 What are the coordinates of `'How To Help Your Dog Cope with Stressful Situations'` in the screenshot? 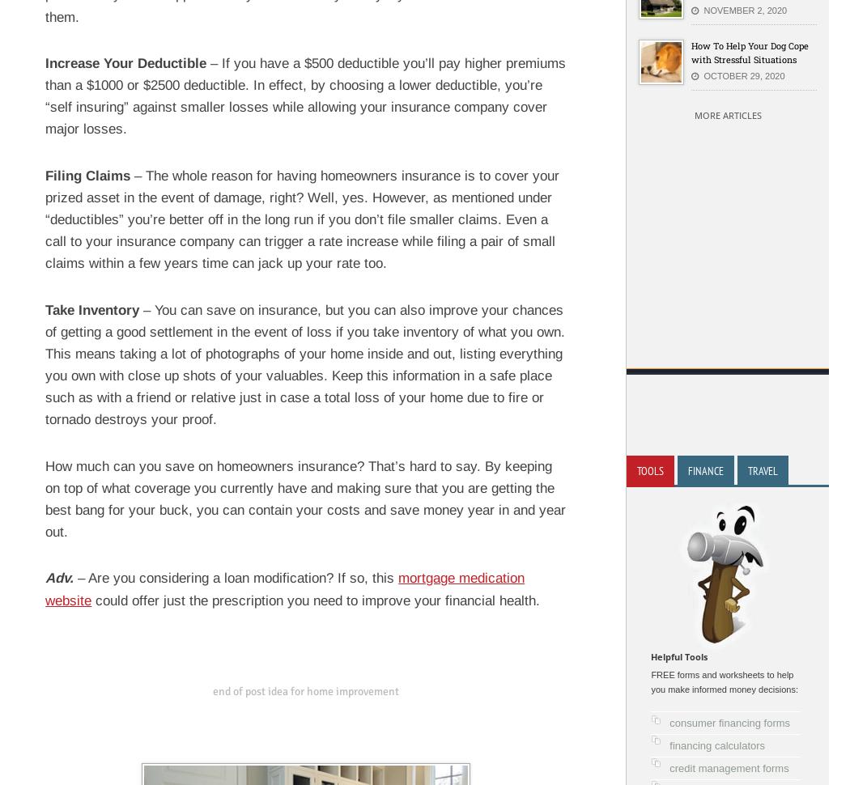 It's located at (750, 51).